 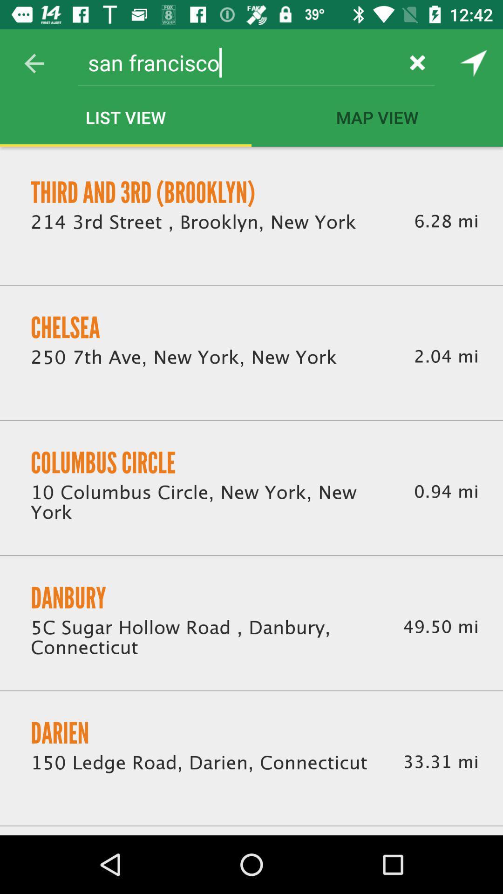 I want to click on the icon next to 214 3rd street icon, so click(x=446, y=221).